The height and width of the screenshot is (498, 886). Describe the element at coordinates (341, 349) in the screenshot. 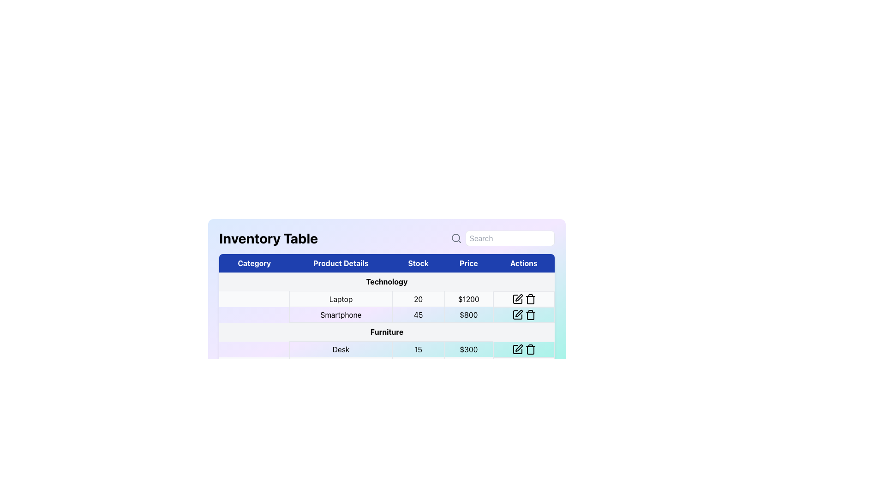

I see `text displayed in the 'Desk' Text Label, which is bold and centered within its table cell in the 'Product Details' column` at that location.